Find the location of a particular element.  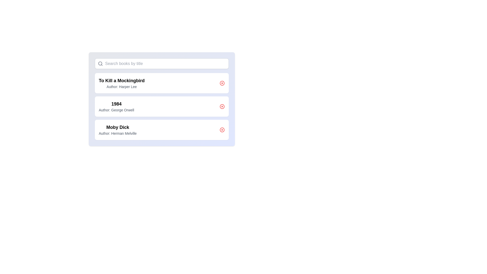

the delete button for the book titled 'Moby Dick' is located at coordinates (222, 130).